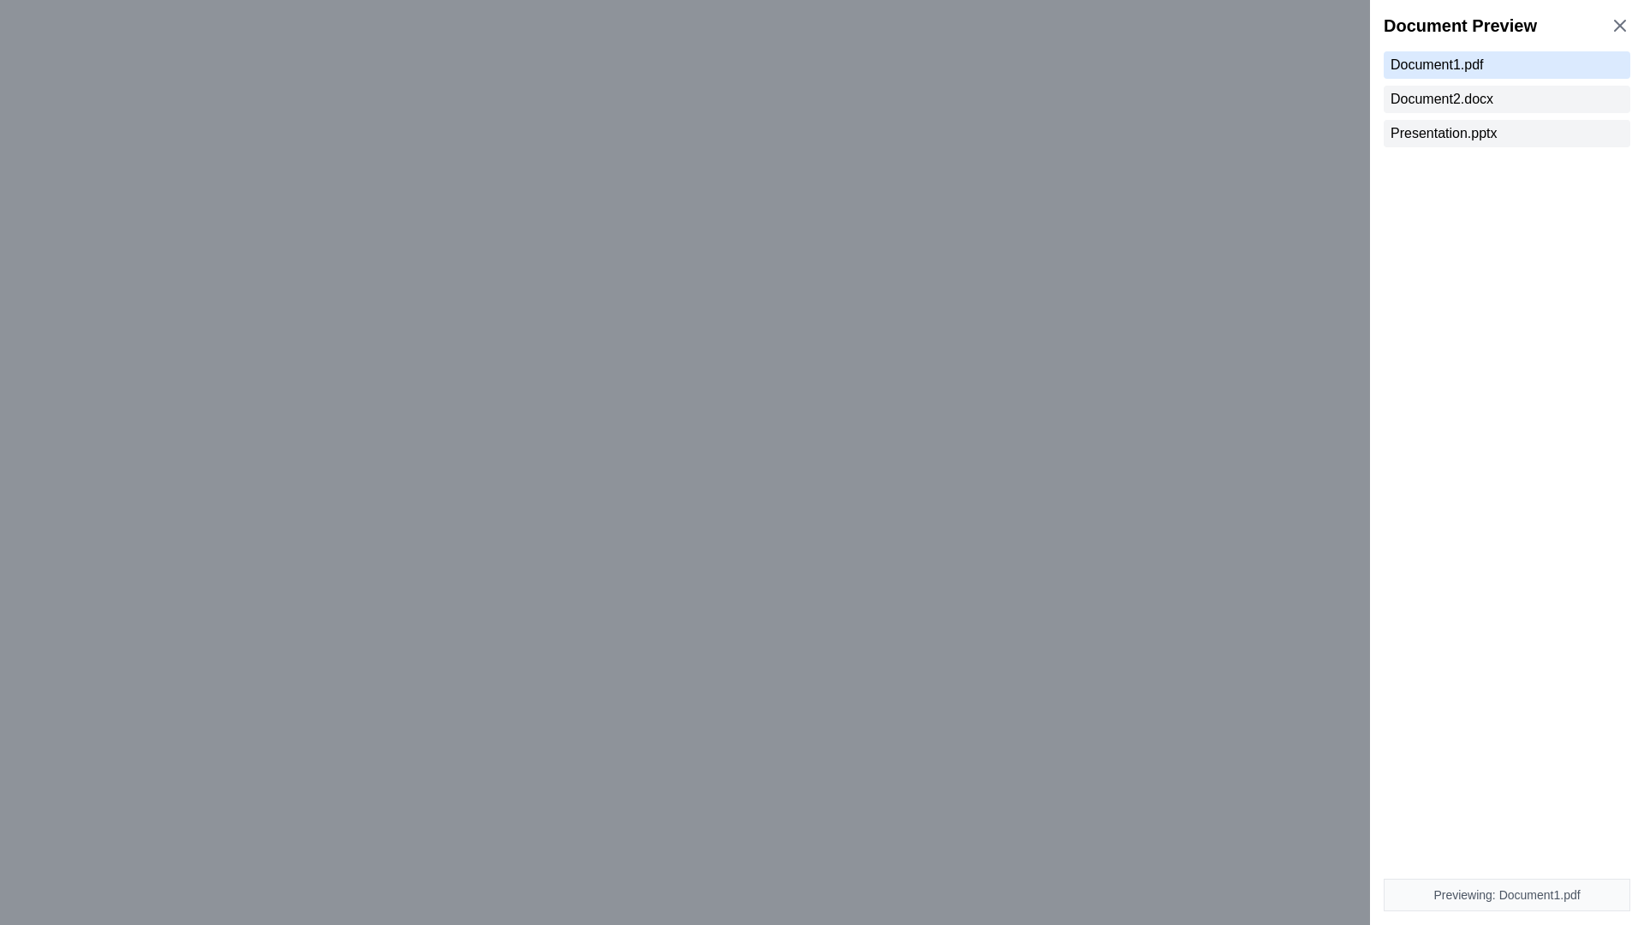  What do you see at coordinates (1618, 26) in the screenshot?
I see `the 'X' icon located at the top right corner of the interface, above the 'Document Preview' heading` at bounding box center [1618, 26].